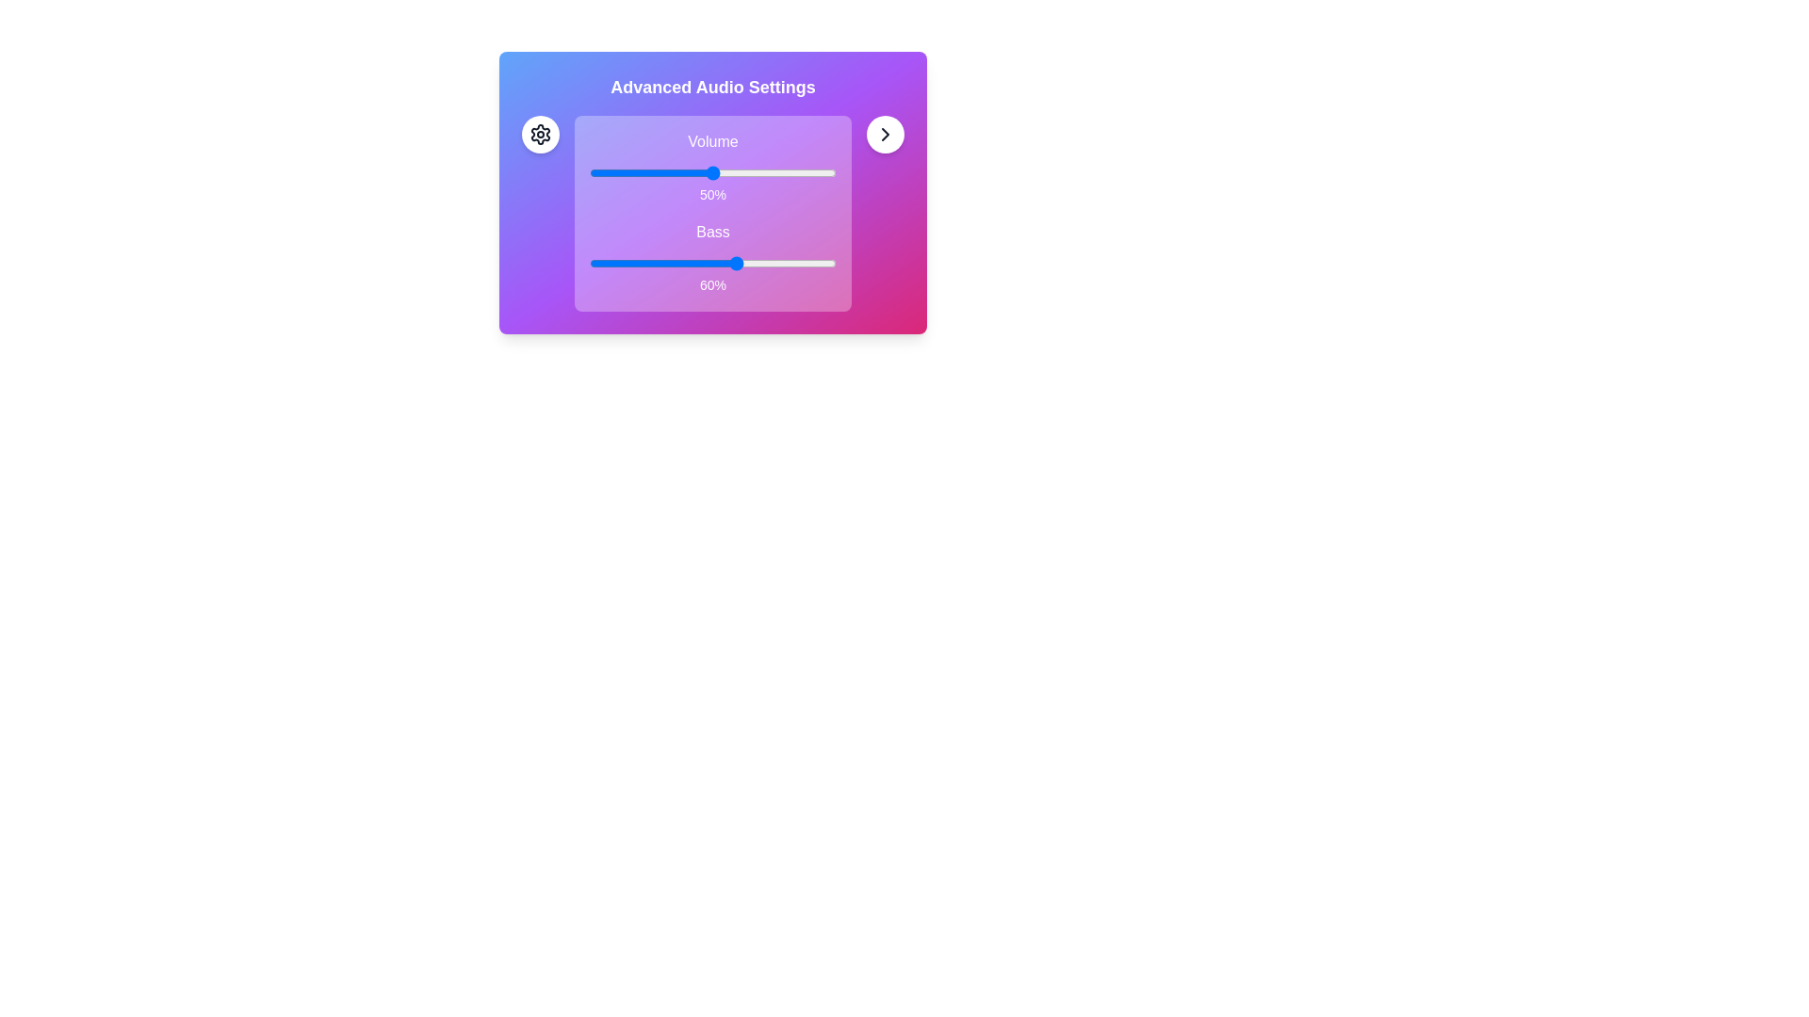 The image size is (1809, 1017). Describe the element at coordinates (829, 173) in the screenshot. I see `the volume slider to set the volume to 97%` at that location.